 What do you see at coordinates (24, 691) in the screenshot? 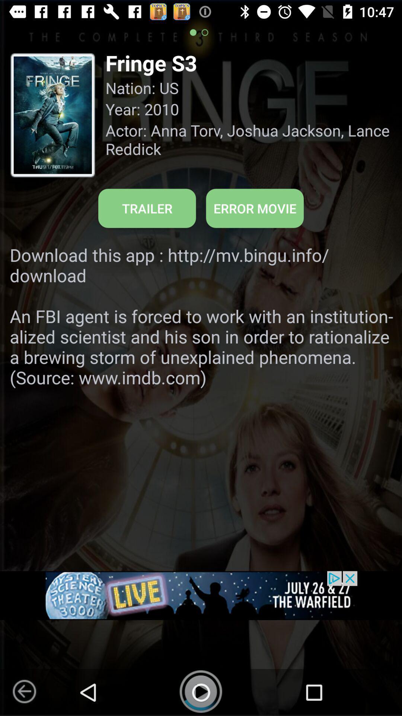
I see `the arrow_backward icon` at bounding box center [24, 691].